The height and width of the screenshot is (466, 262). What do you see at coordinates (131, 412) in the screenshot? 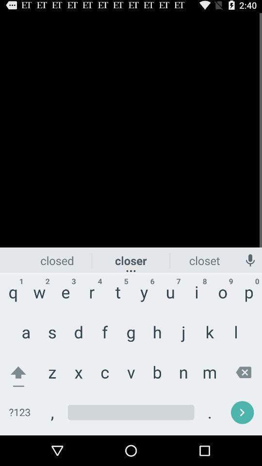
I see `search the site` at bounding box center [131, 412].